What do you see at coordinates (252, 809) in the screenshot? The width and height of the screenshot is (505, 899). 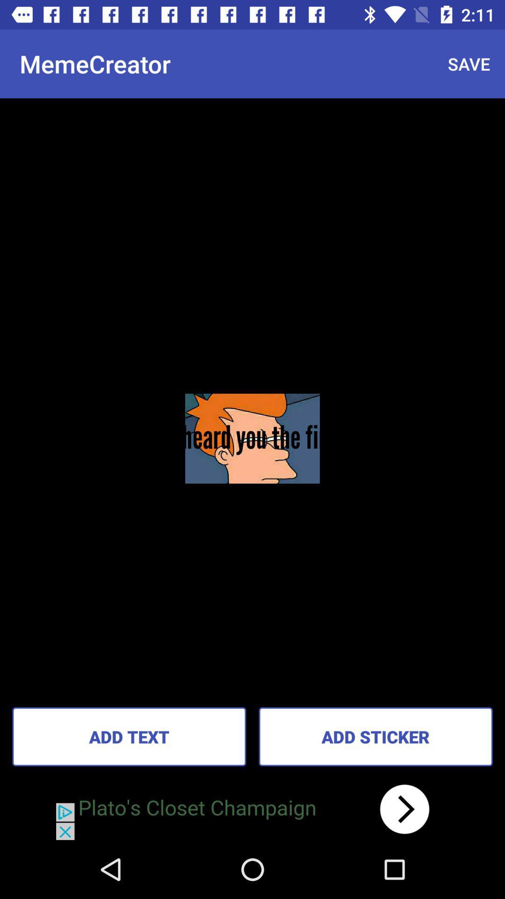 I see `search` at bounding box center [252, 809].